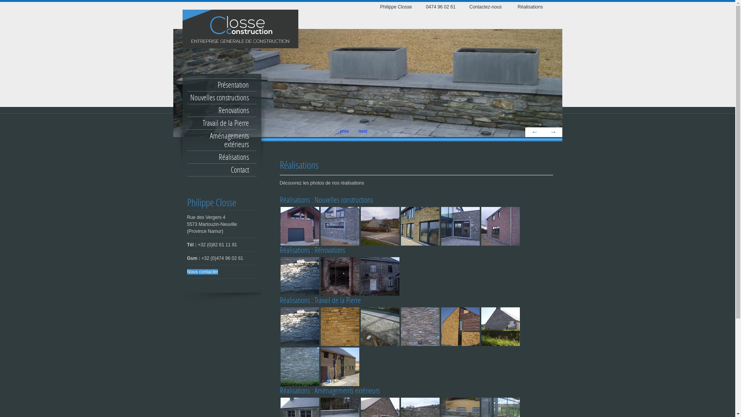  What do you see at coordinates (339, 326) in the screenshot?
I see `'OLYMPUS DIGITAL CAMERA         '` at bounding box center [339, 326].